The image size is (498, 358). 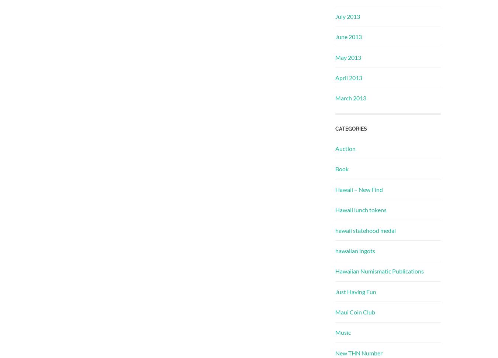 What do you see at coordinates (335, 78) in the screenshot?
I see `'April 2013'` at bounding box center [335, 78].